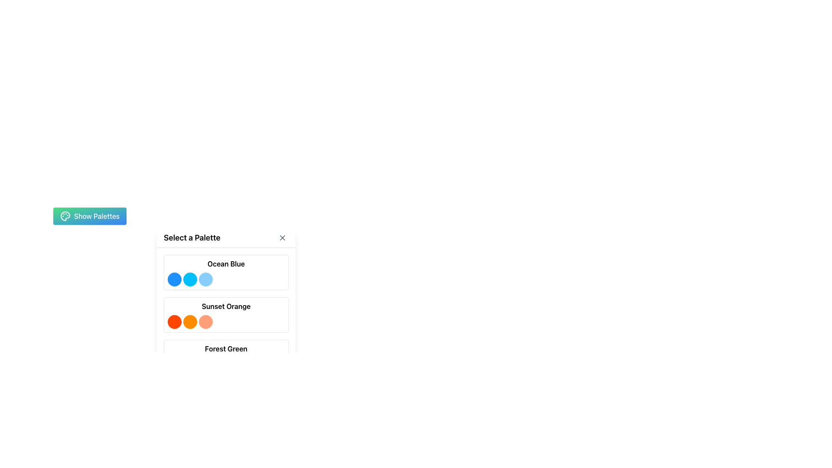 The height and width of the screenshot is (468, 832). I want to click on the 'X' icon button located at the top-right corner of the 'Select a Palette' section to trigger the hover effect, so click(283, 237).